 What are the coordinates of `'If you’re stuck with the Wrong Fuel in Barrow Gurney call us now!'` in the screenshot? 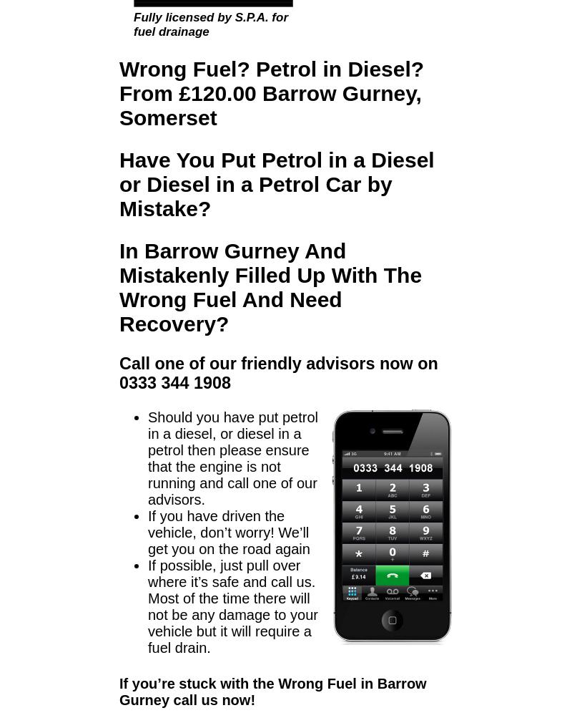 It's located at (119, 691).